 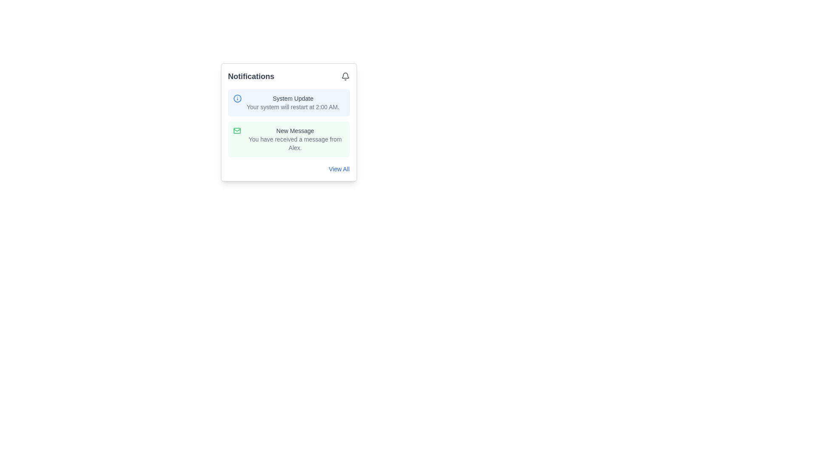 What do you see at coordinates (289, 102) in the screenshot?
I see `the Notification card that informs the user about a scheduled system restart, which is the topmost card in the vertical list of notifications` at bounding box center [289, 102].